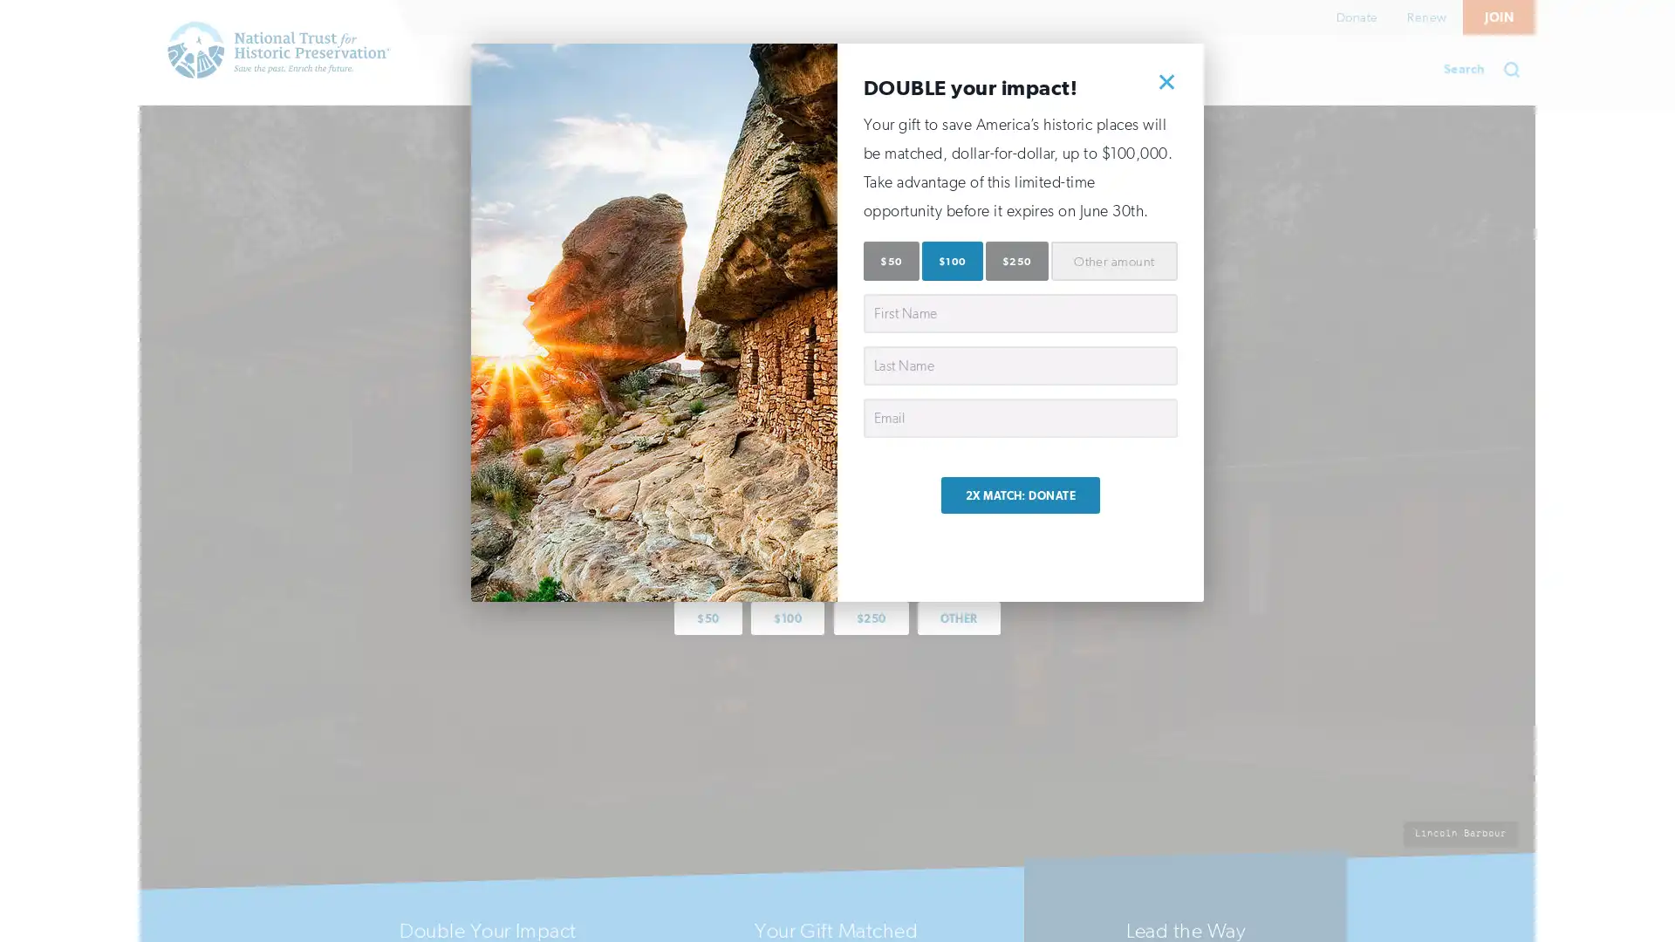 This screenshot has height=942, width=1675. Describe the element at coordinates (1020, 495) in the screenshot. I see `2X MATCH: DONATE` at that location.